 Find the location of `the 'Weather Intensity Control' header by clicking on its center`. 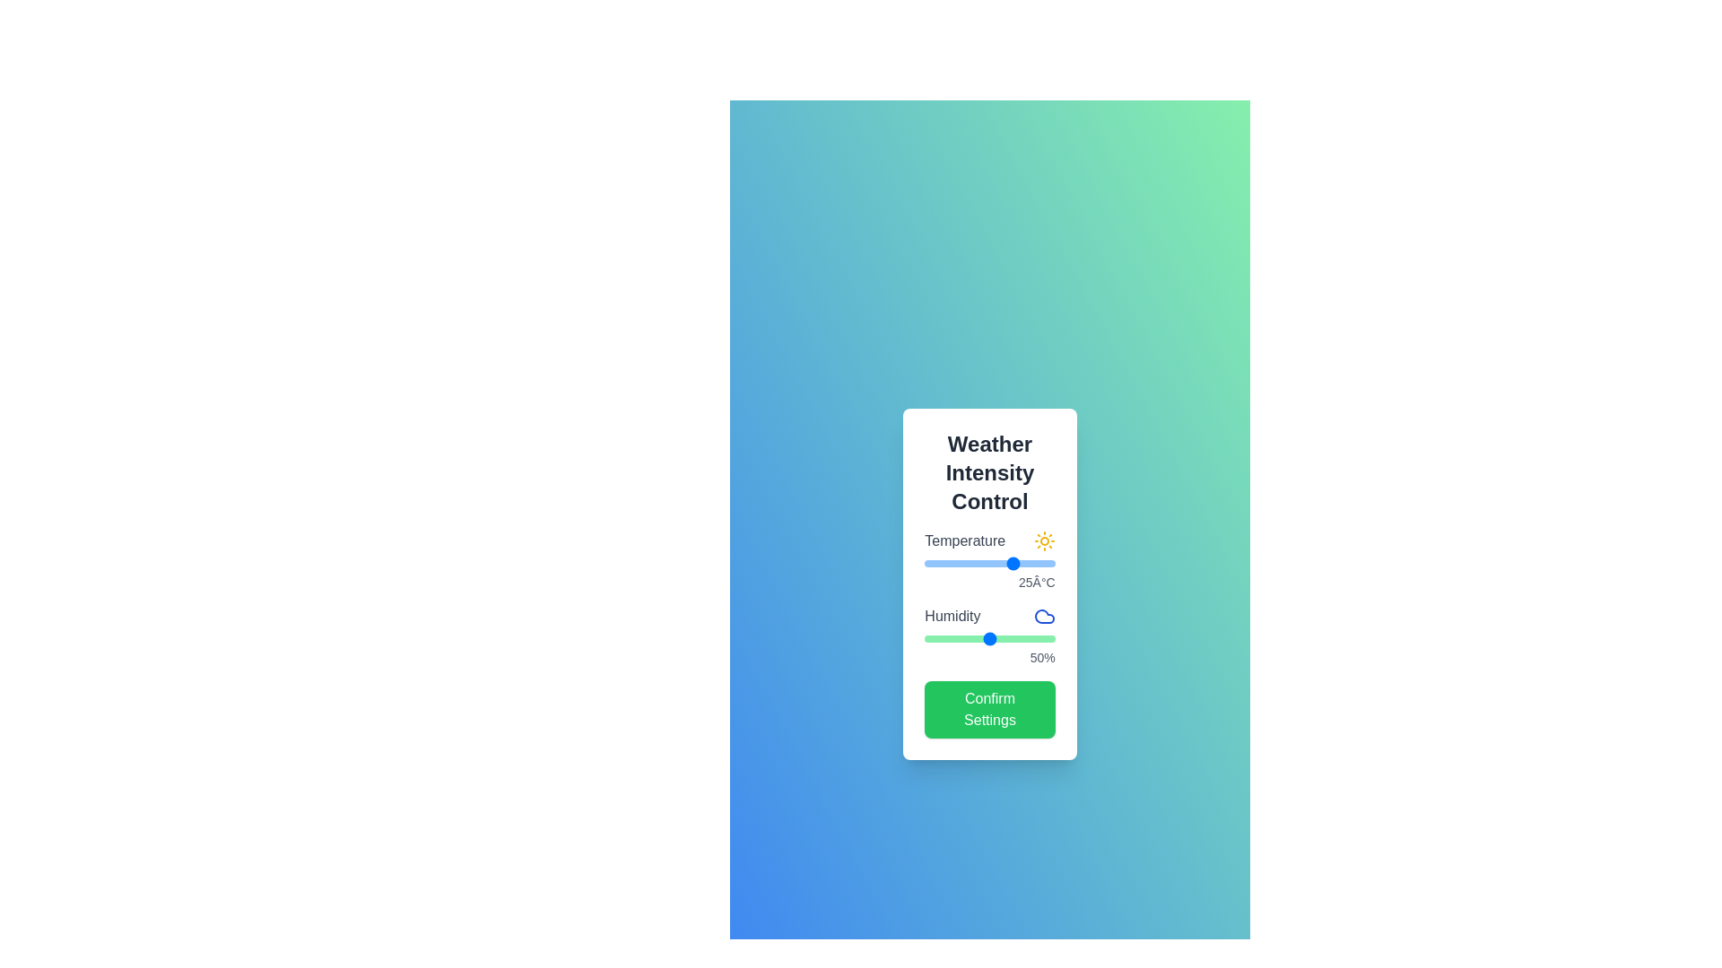

the 'Weather Intensity Control' header by clicking on its center is located at coordinates (989, 472).